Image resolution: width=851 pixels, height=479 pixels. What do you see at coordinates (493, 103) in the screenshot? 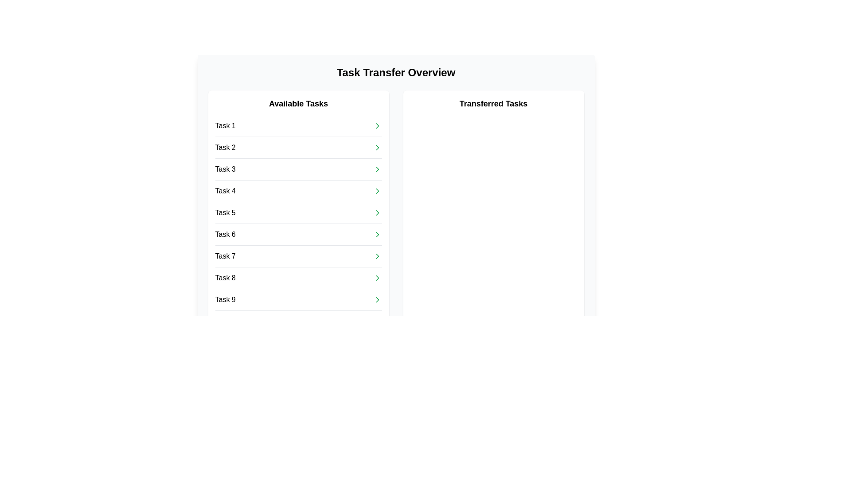
I see `the bold text label 'Transferred Tasks' which is centrally aligned in a white box with rounded corners, located in the top-right section below the header 'Task Transfer Overview'` at bounding box center [493, 103].